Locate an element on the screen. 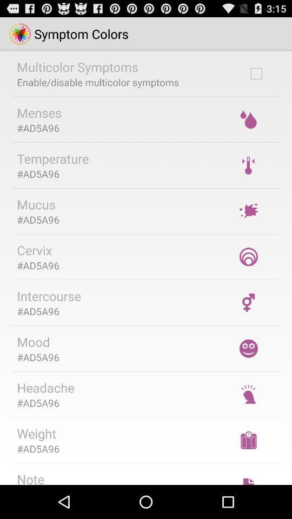 The width and height of the screenshot is (292, 519). temperature item is located at coordinates (52, 158).